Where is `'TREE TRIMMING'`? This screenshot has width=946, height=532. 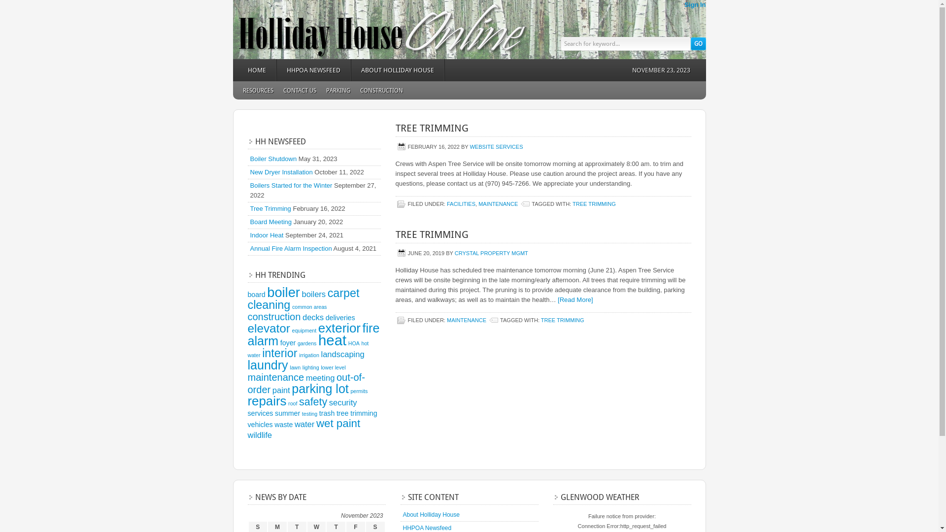 'TREE TRIMMING' is located at coordinates (572, 203).